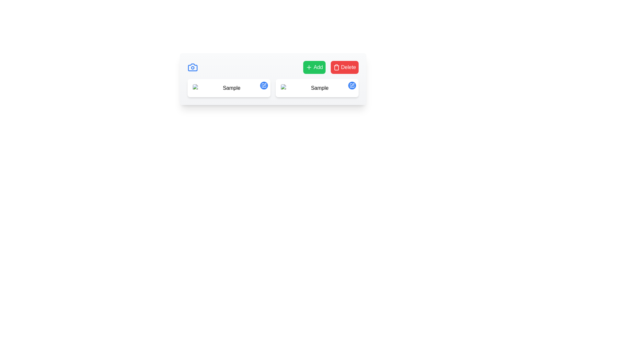 Image resolution: width=622 pixels, height=350 pixels. Describe the element at coordinates (336, 67) in the screenshot. I see `the trash bin icon within the 'Delete' button located at the top-right of the interface` at that location.